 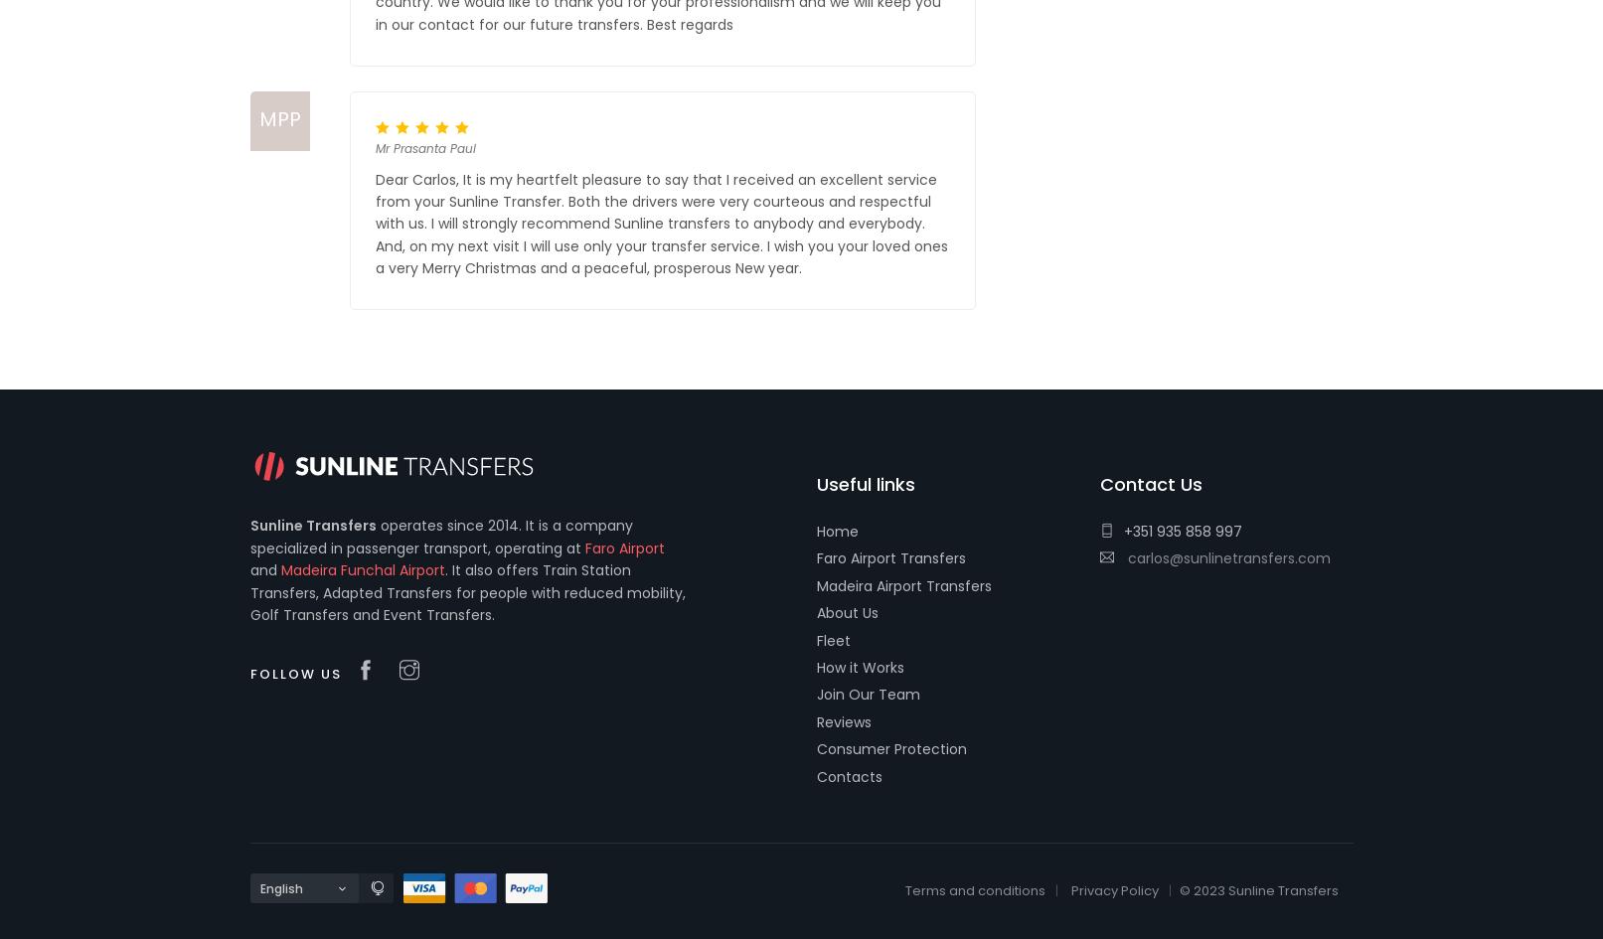 I want to click on 'Contact Us', so click(x=1149, y=483).